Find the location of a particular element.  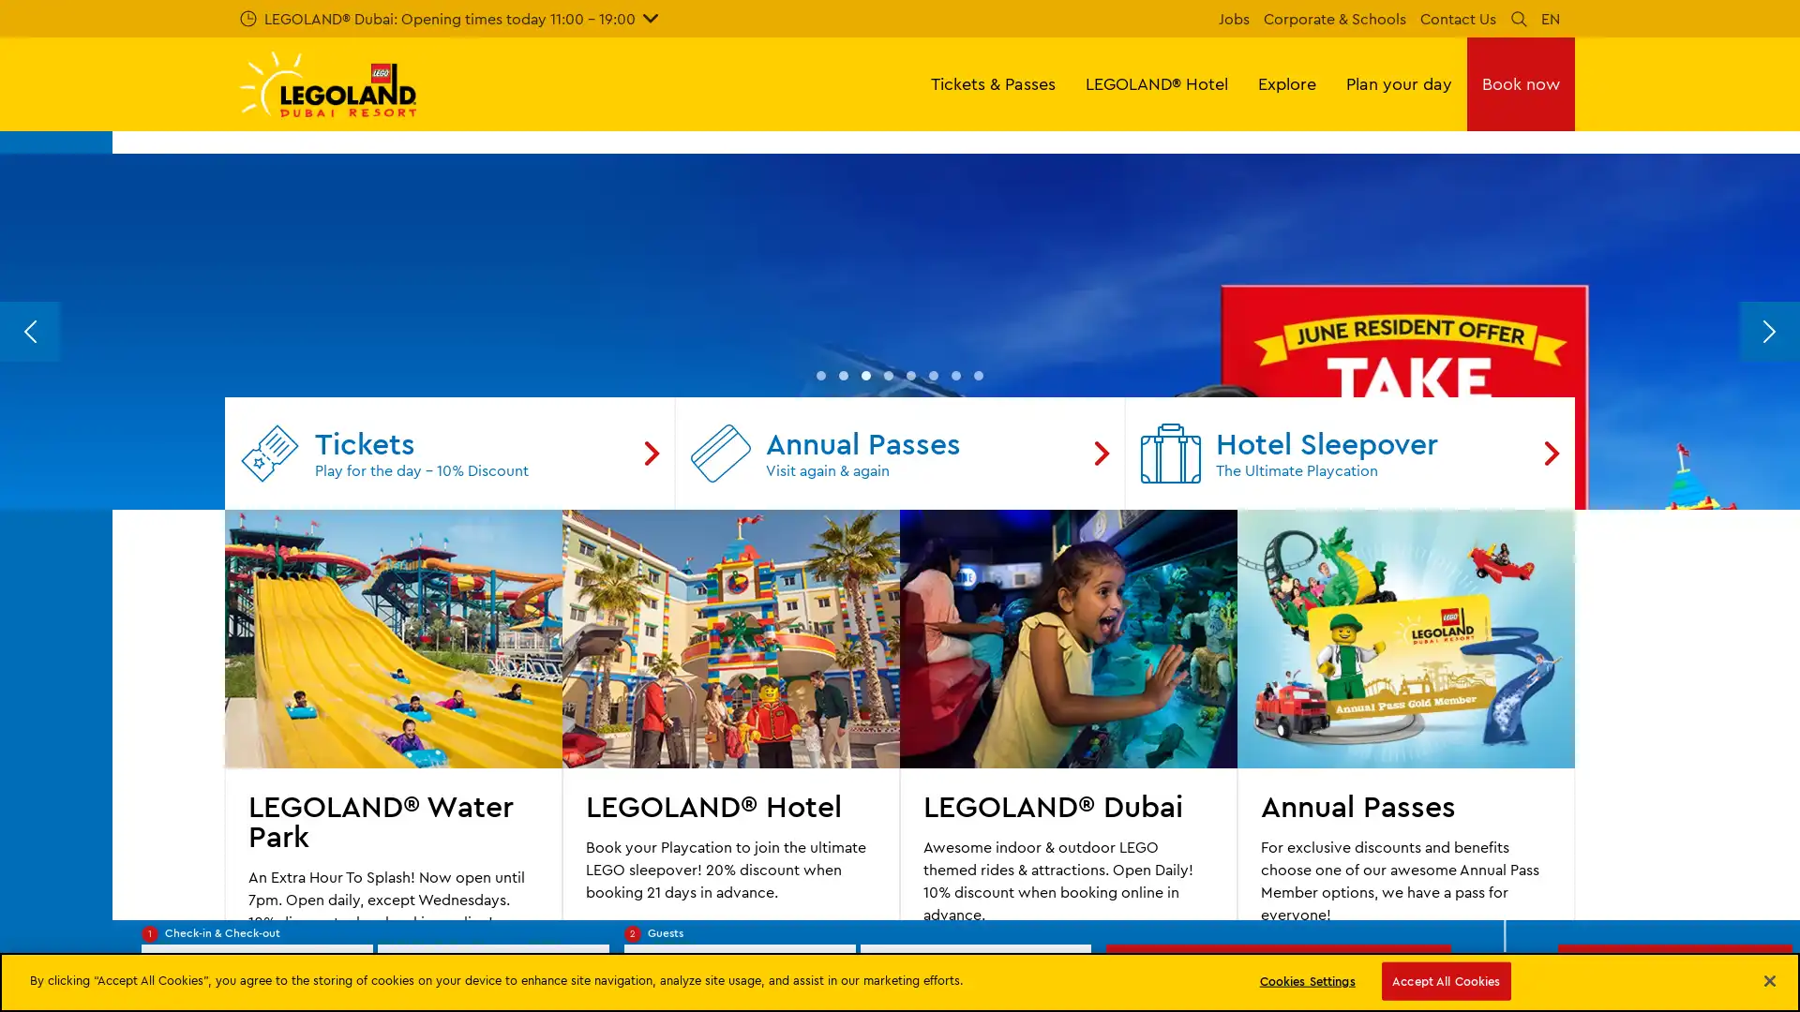

Tickets & Passes is located at coordinates (992, 82).